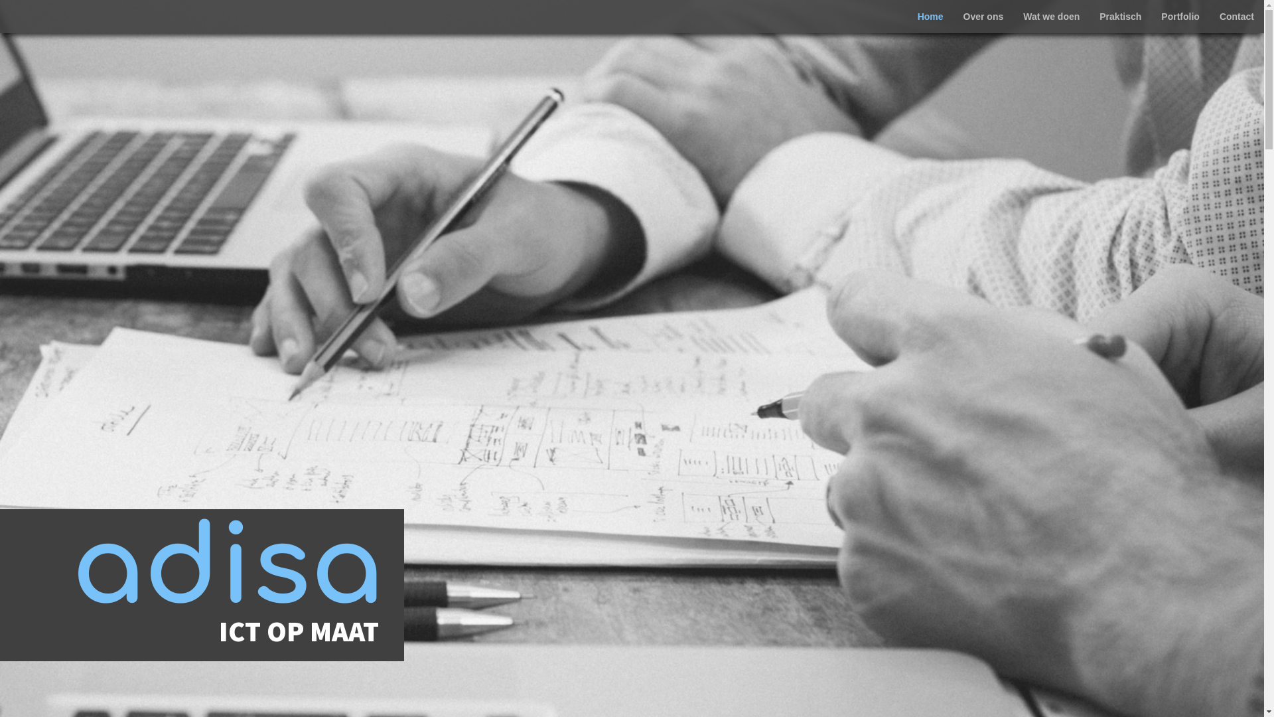 This screenshot has height=717, width=1274. I want to click on 'Praktisch', so click(1089, 16).